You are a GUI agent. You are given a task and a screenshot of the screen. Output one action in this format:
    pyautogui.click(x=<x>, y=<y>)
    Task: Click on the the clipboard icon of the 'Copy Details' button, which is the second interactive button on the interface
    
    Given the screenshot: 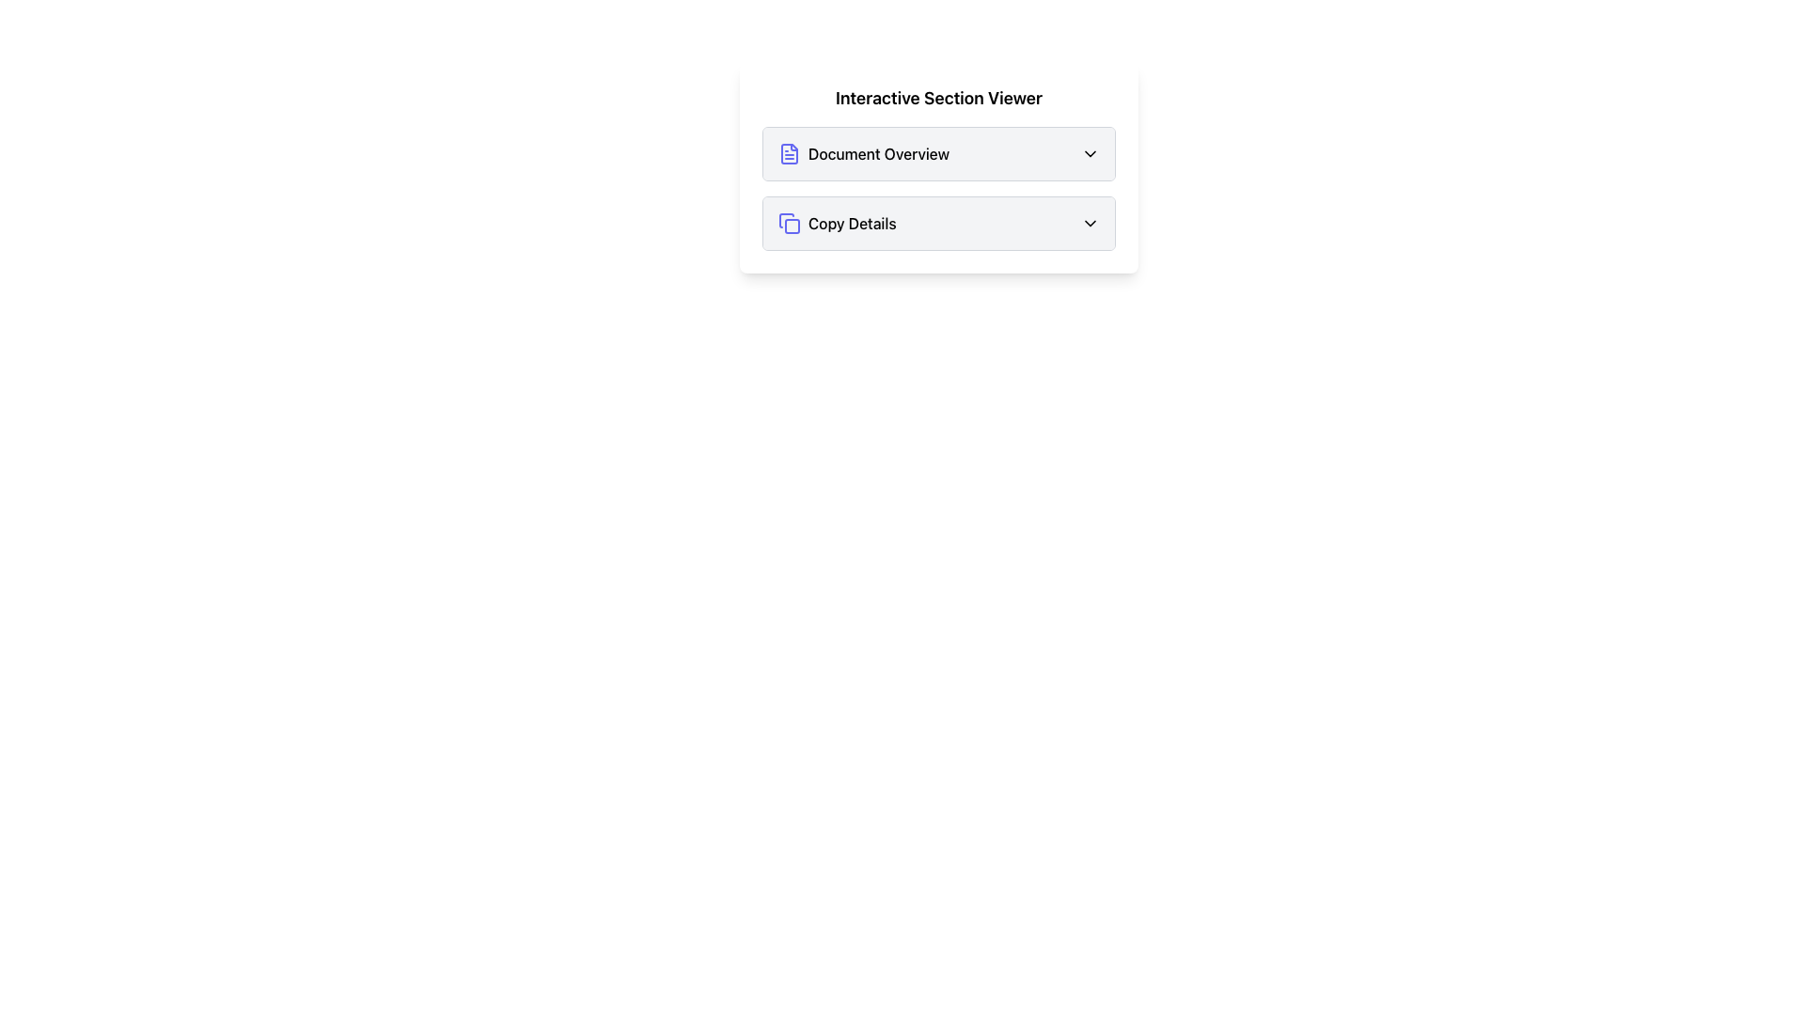 What is the action you would take?
    pyautogui.click(x=793, y=225)
    